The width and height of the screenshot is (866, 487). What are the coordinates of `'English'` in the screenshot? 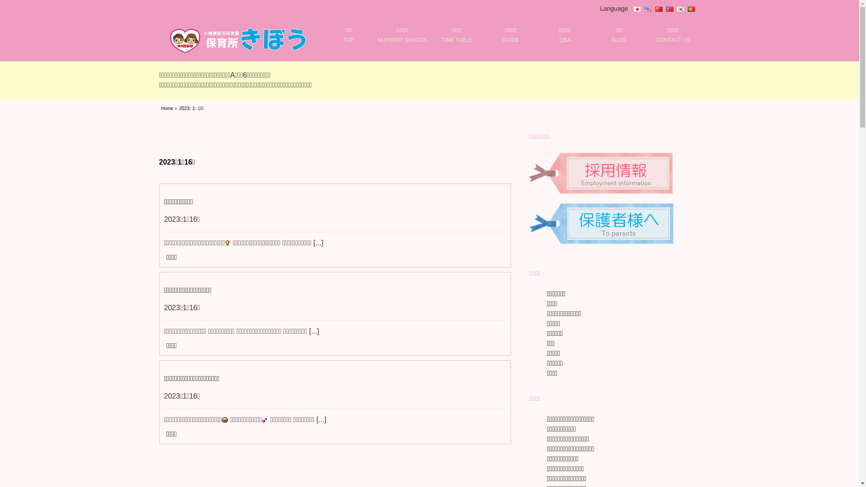 It's located at (647, 9).